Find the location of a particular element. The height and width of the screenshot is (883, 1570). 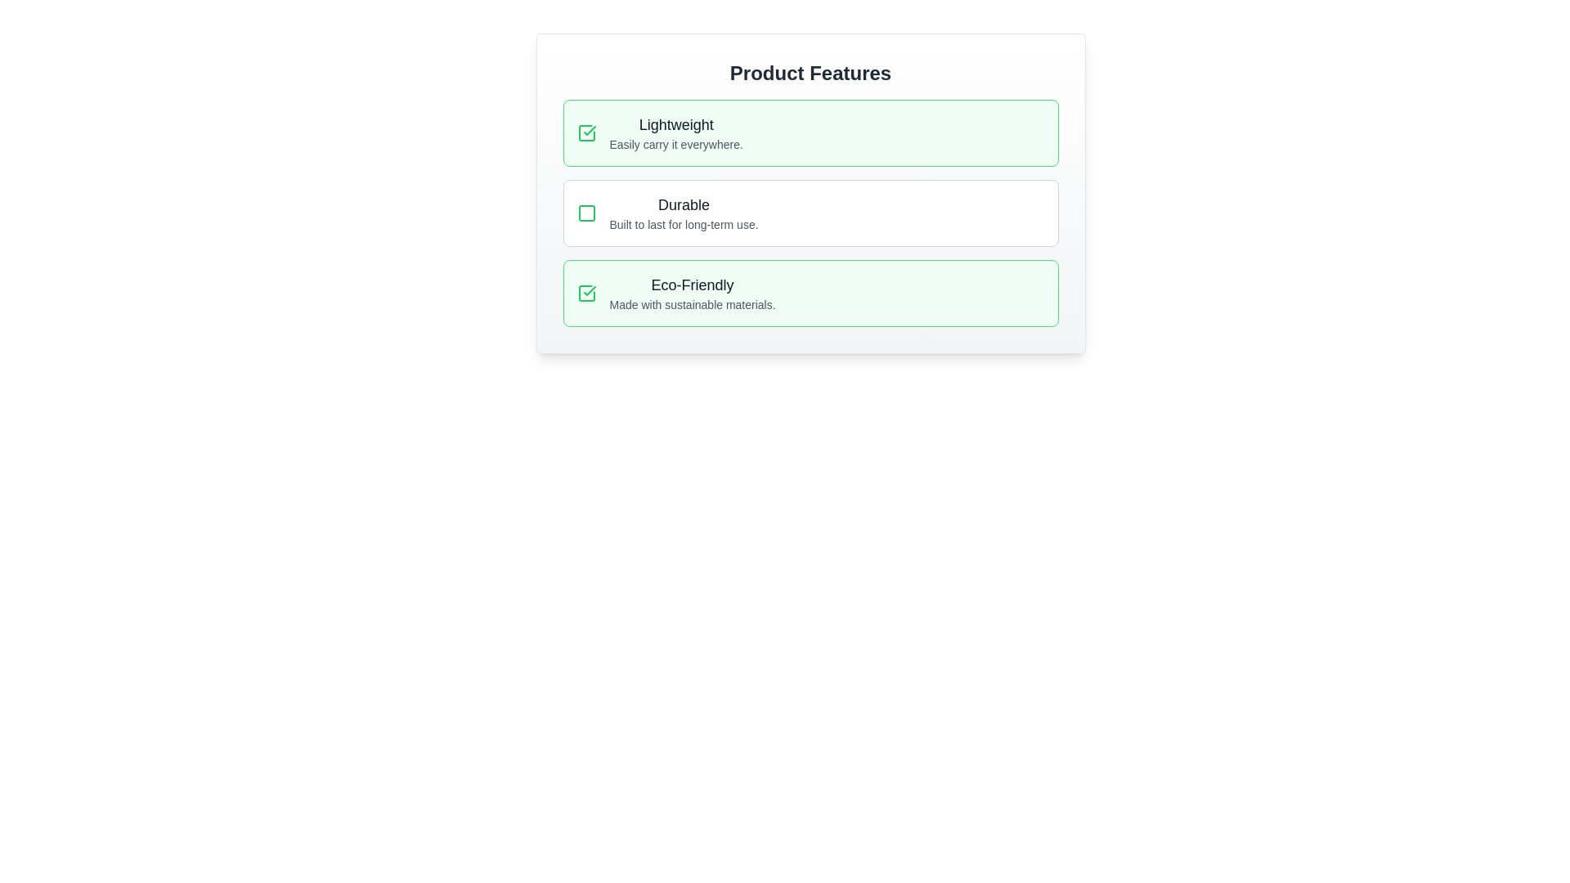

the informational text block titled 'Durable', which is positioned between 'Lightweight' and 'Eco-Friendly' in the 'Product Features' panel is located at coordinates (684, 213).